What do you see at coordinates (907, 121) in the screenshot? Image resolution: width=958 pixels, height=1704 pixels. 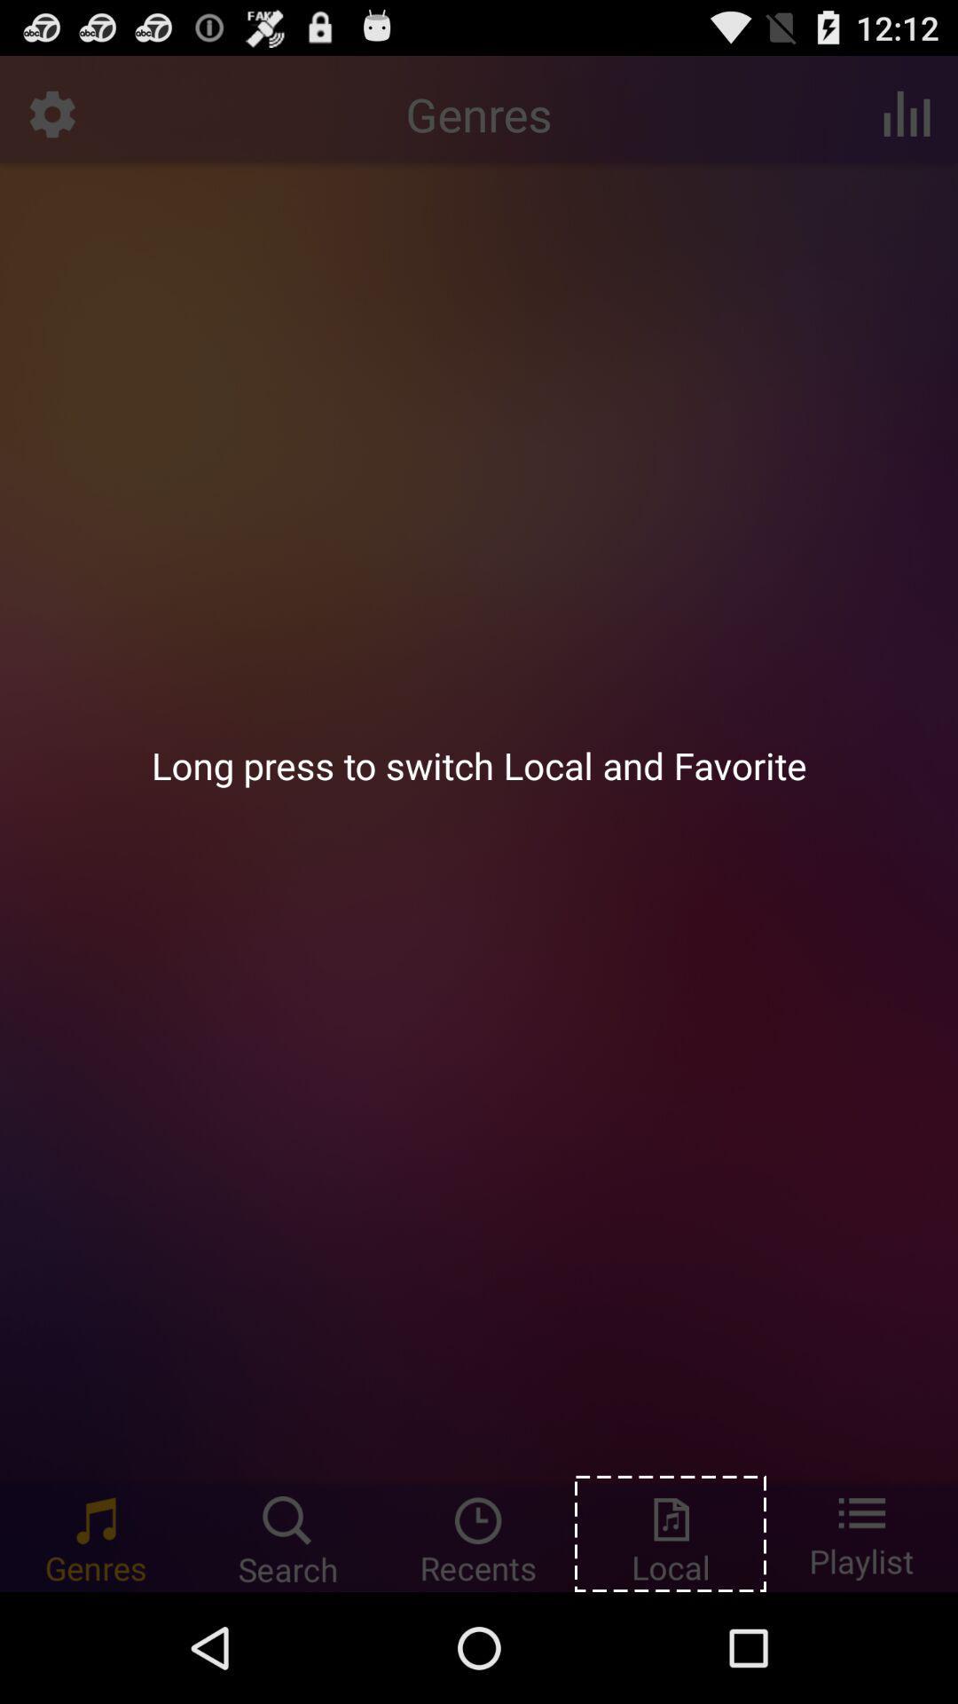 I see `the pause icon` at bounding box center [907, 121].